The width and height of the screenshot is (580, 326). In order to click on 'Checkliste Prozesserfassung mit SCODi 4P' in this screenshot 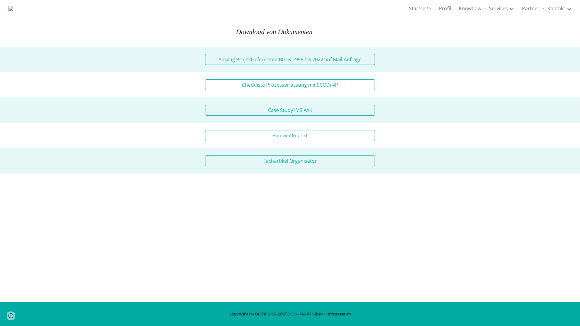, I will do `click(290, 85)`.